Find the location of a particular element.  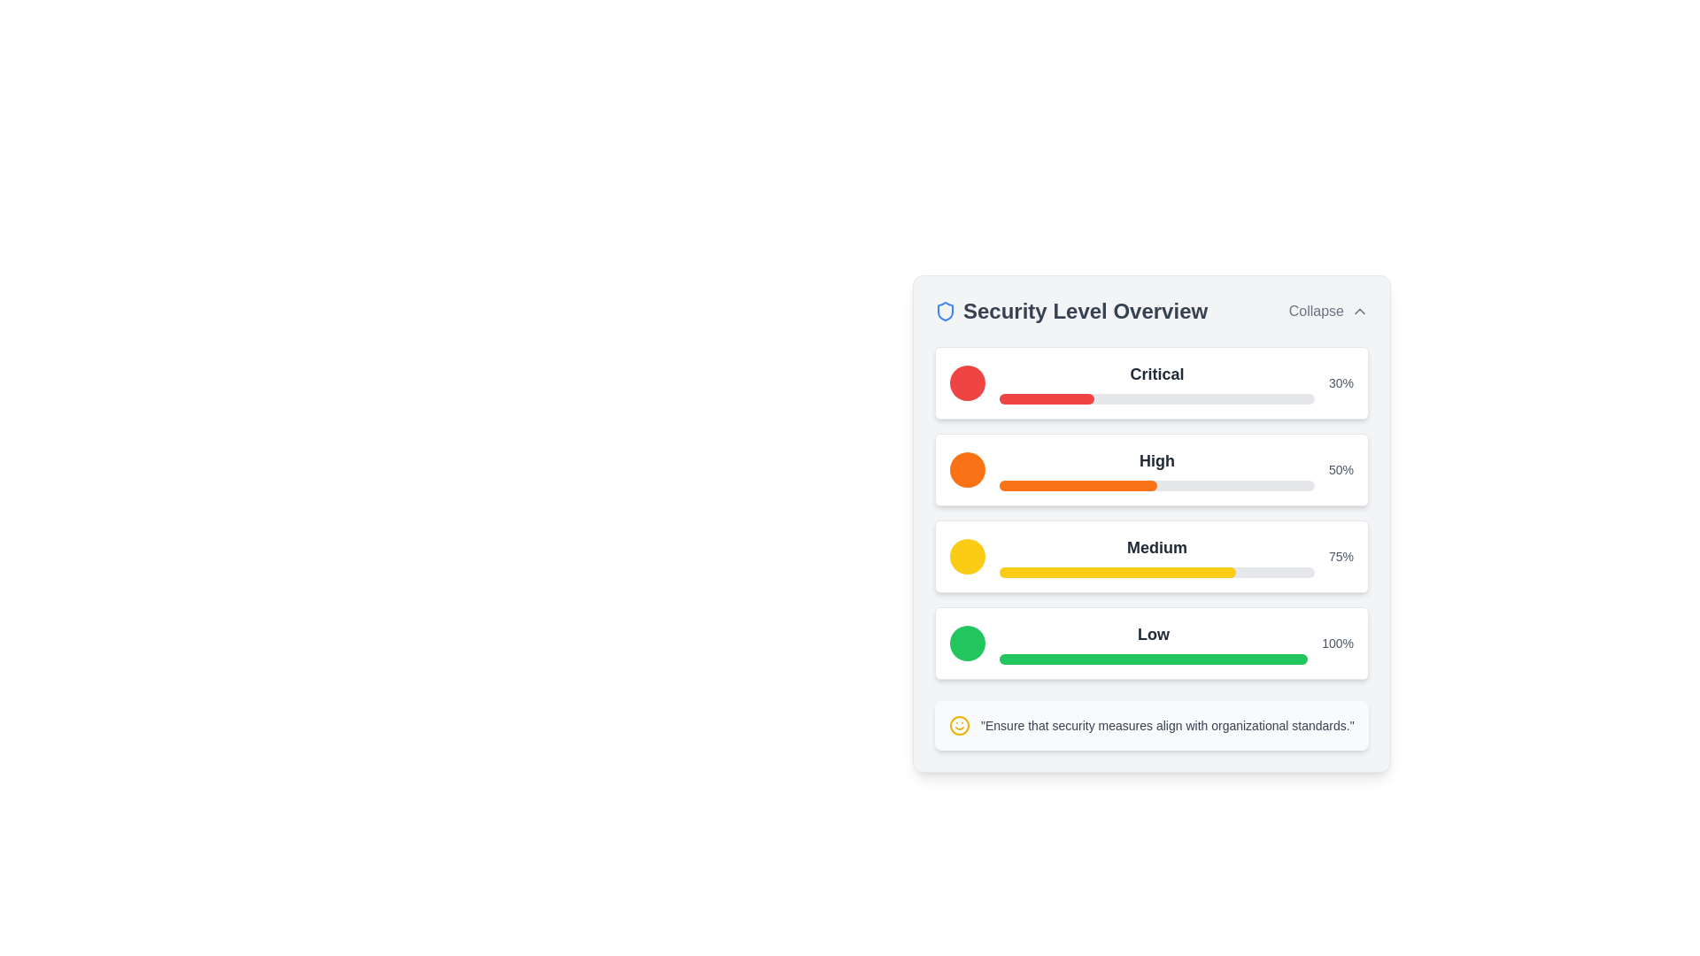

the horizontal progress bar labeled 'Medium' which is filled to approximately 75% in vivid yellow color is located at coordinates (1156, 573).